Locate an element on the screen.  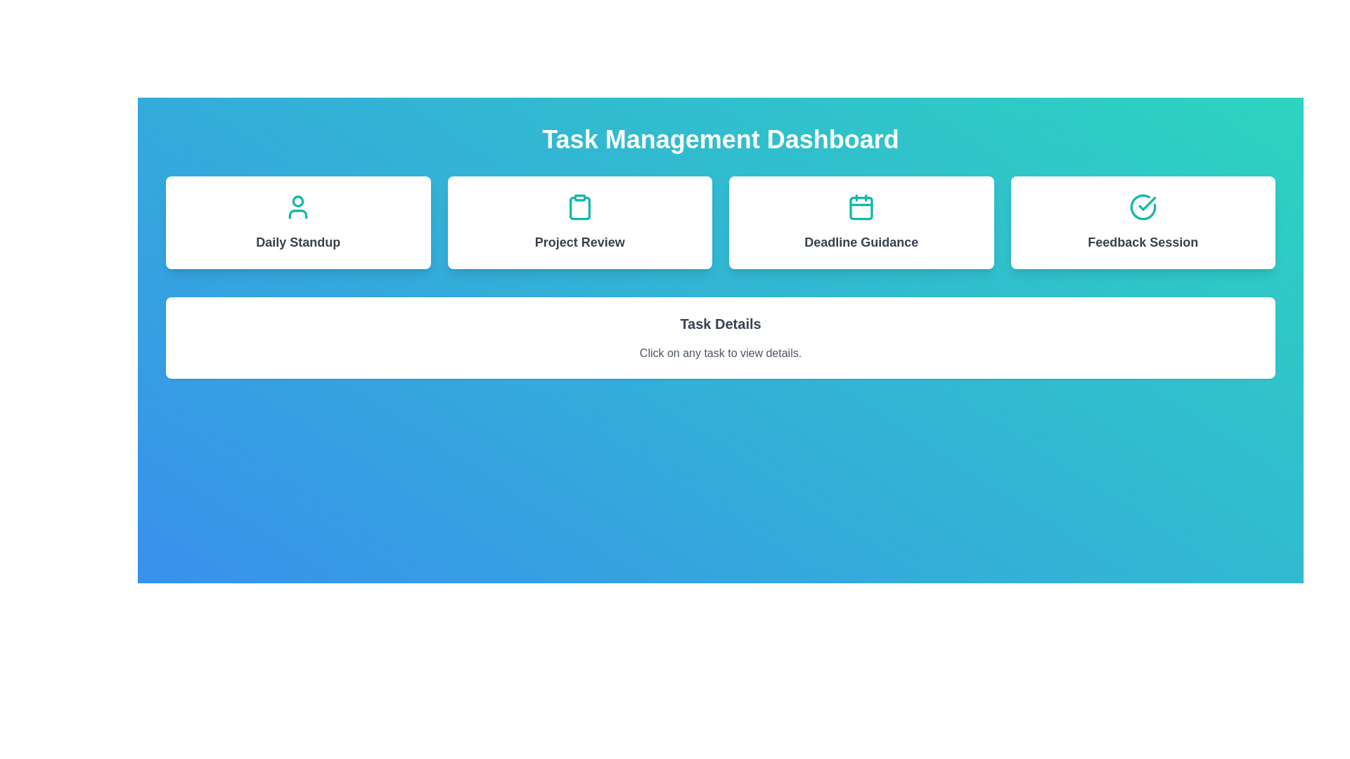
the clipboard icon, which is teal in color and positioned at the top-center of the 'Project Review' visual group is located at coordinates (579, 207).